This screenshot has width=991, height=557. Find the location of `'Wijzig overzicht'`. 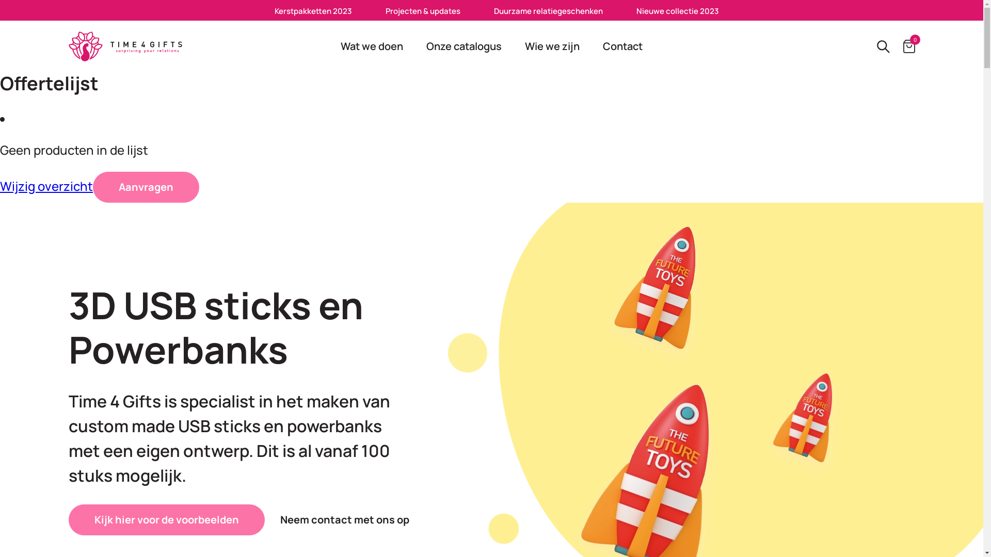

'Wijzig overzicht' is located at coordinates (0, 186).